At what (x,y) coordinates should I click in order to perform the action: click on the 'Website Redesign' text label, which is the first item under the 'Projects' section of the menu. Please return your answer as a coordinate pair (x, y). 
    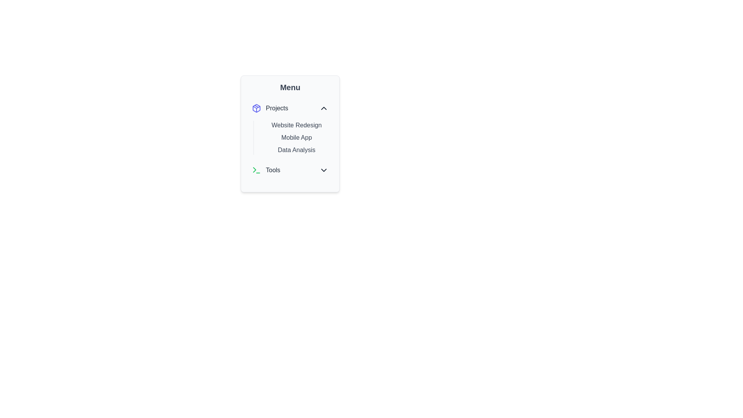
    Looking at the image, I should click on (296, 125).